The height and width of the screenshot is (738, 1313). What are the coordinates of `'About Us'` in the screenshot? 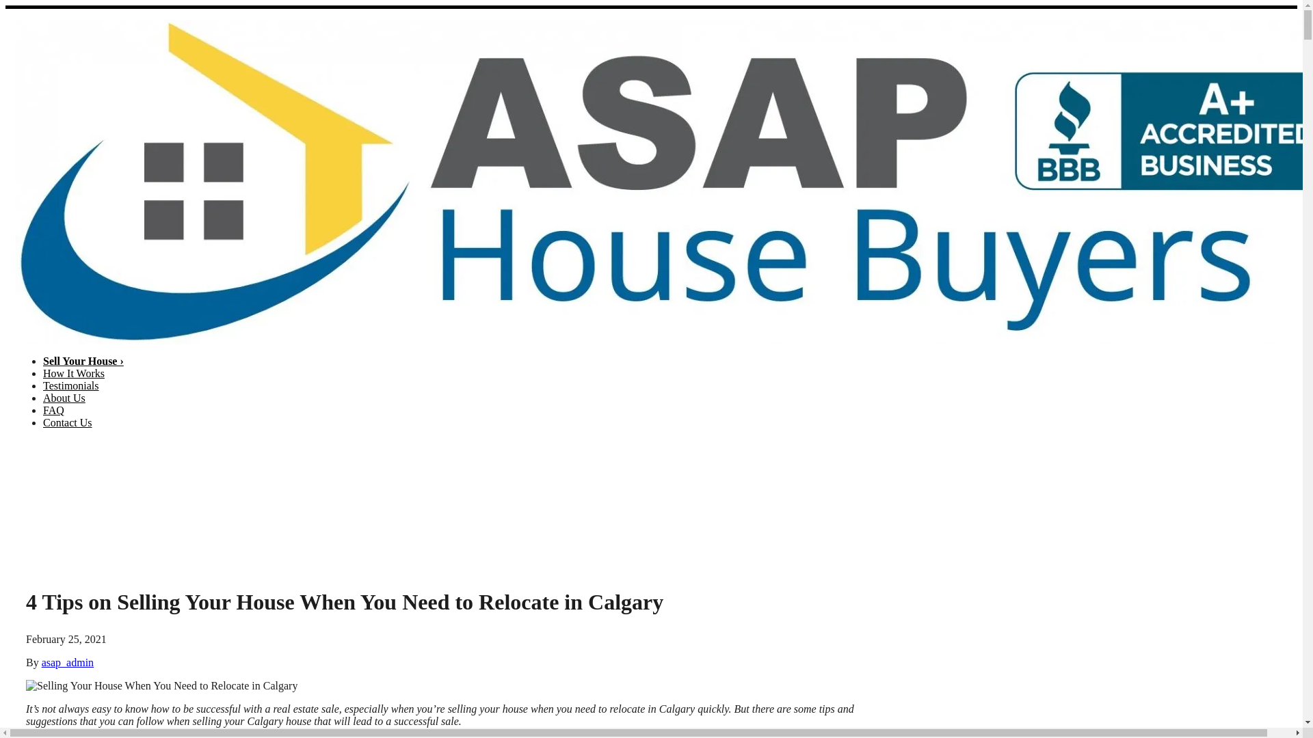 It's located at (64, 398).